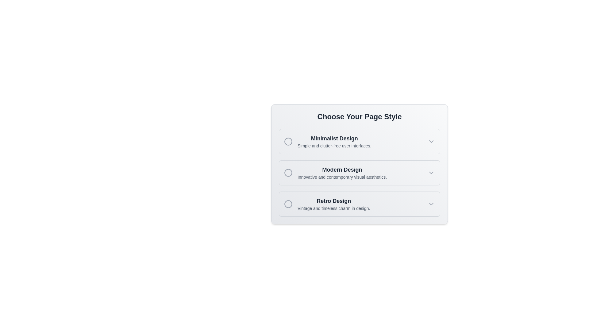 The height and width of the screenshot is (331, 589). I want to click on the radio button for the 'Retro Design' option in the 'Choose Your Page Style' section to trigger hover effects, so click(288, 204).